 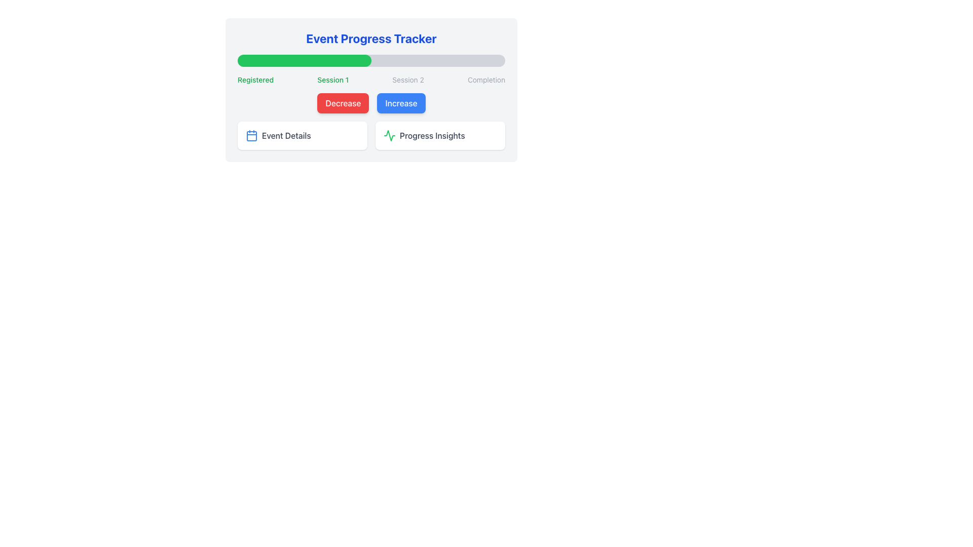 I want to click on the third text label in the progress overview which indicates the current session state or name, so click(x=408, y=80).